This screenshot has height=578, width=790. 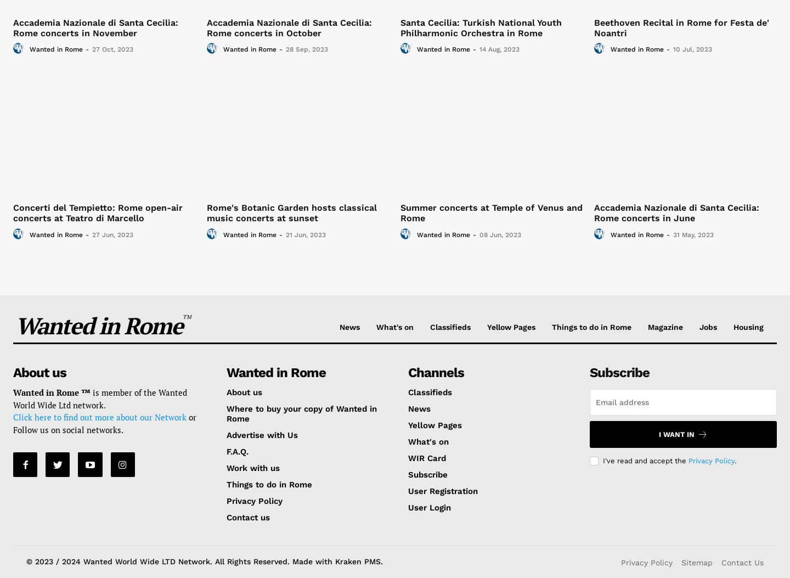 I want to click on 'Contact us', so click(x=247, y=517).